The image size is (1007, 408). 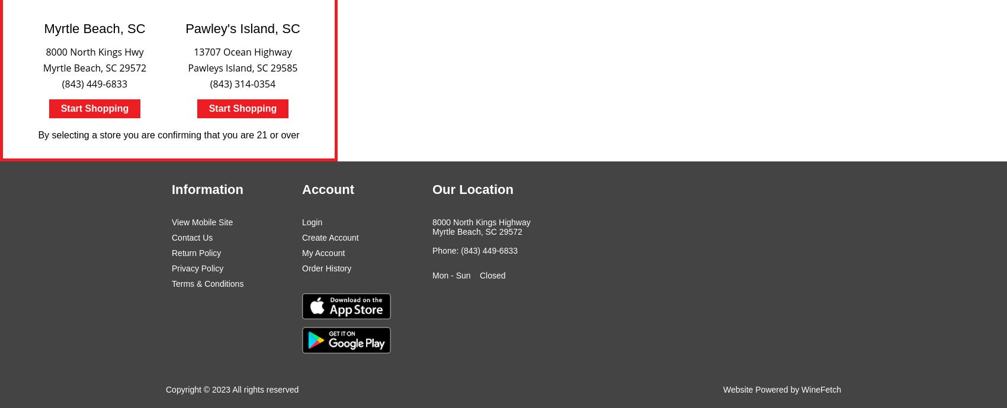 I want to click on 'View Mobile Site', so click(x=201, y=222).